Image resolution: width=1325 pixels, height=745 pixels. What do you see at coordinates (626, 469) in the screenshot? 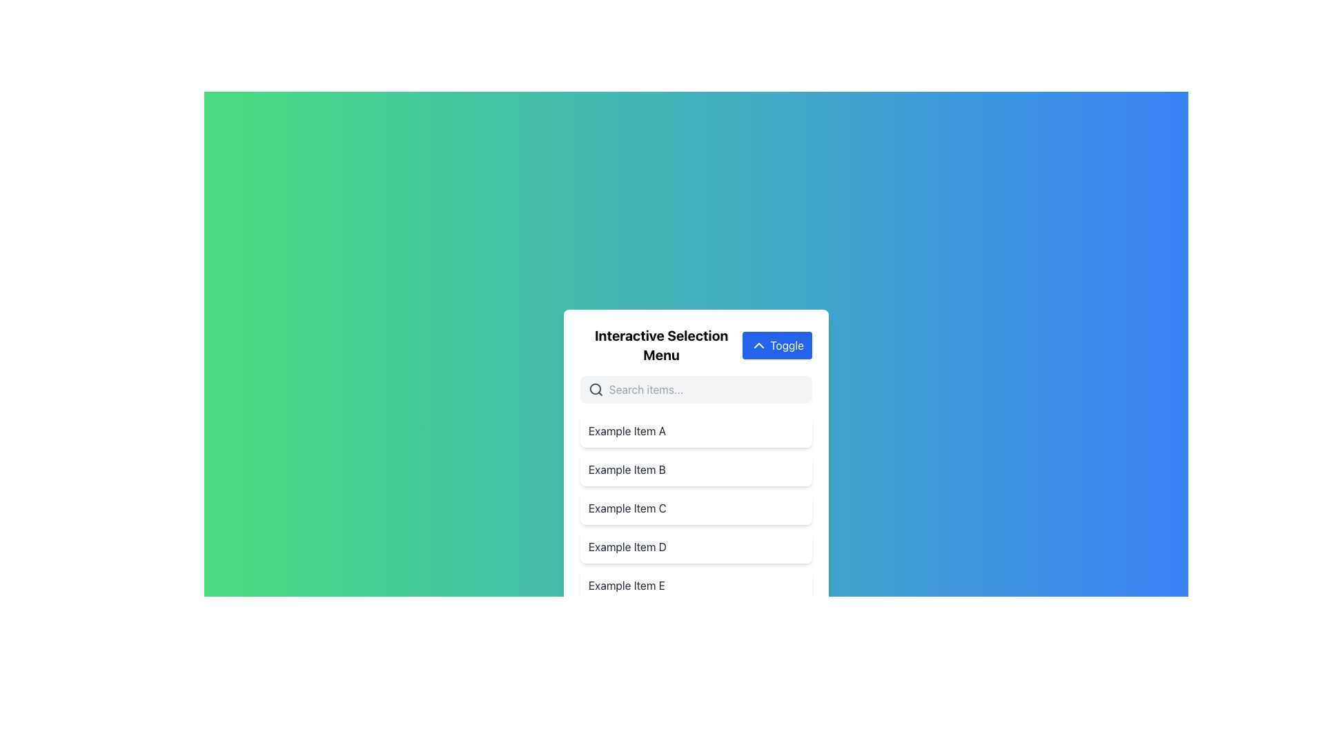
I see `the text label that displays an item name within the second row of the vertical selection menu` at bounding box center [626, 469].